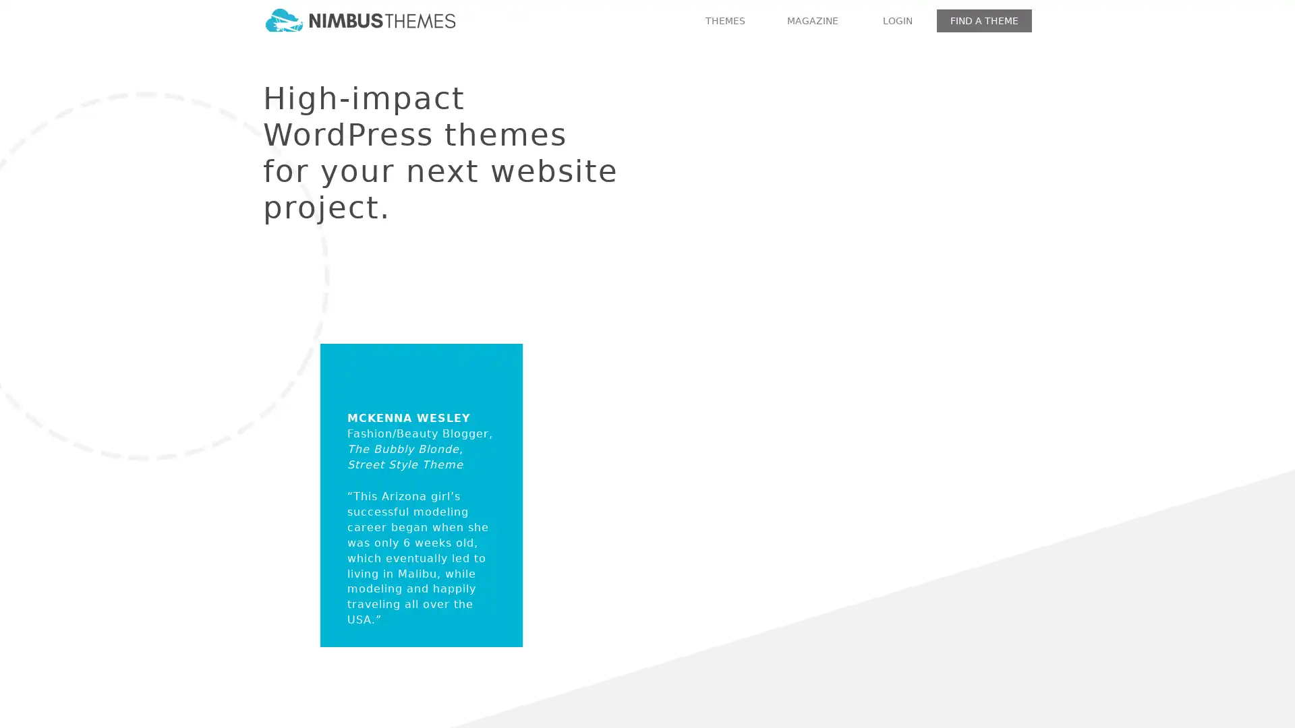  Describe the element at coordinates (793, 467) in the screenshot. I see `2` at that location.